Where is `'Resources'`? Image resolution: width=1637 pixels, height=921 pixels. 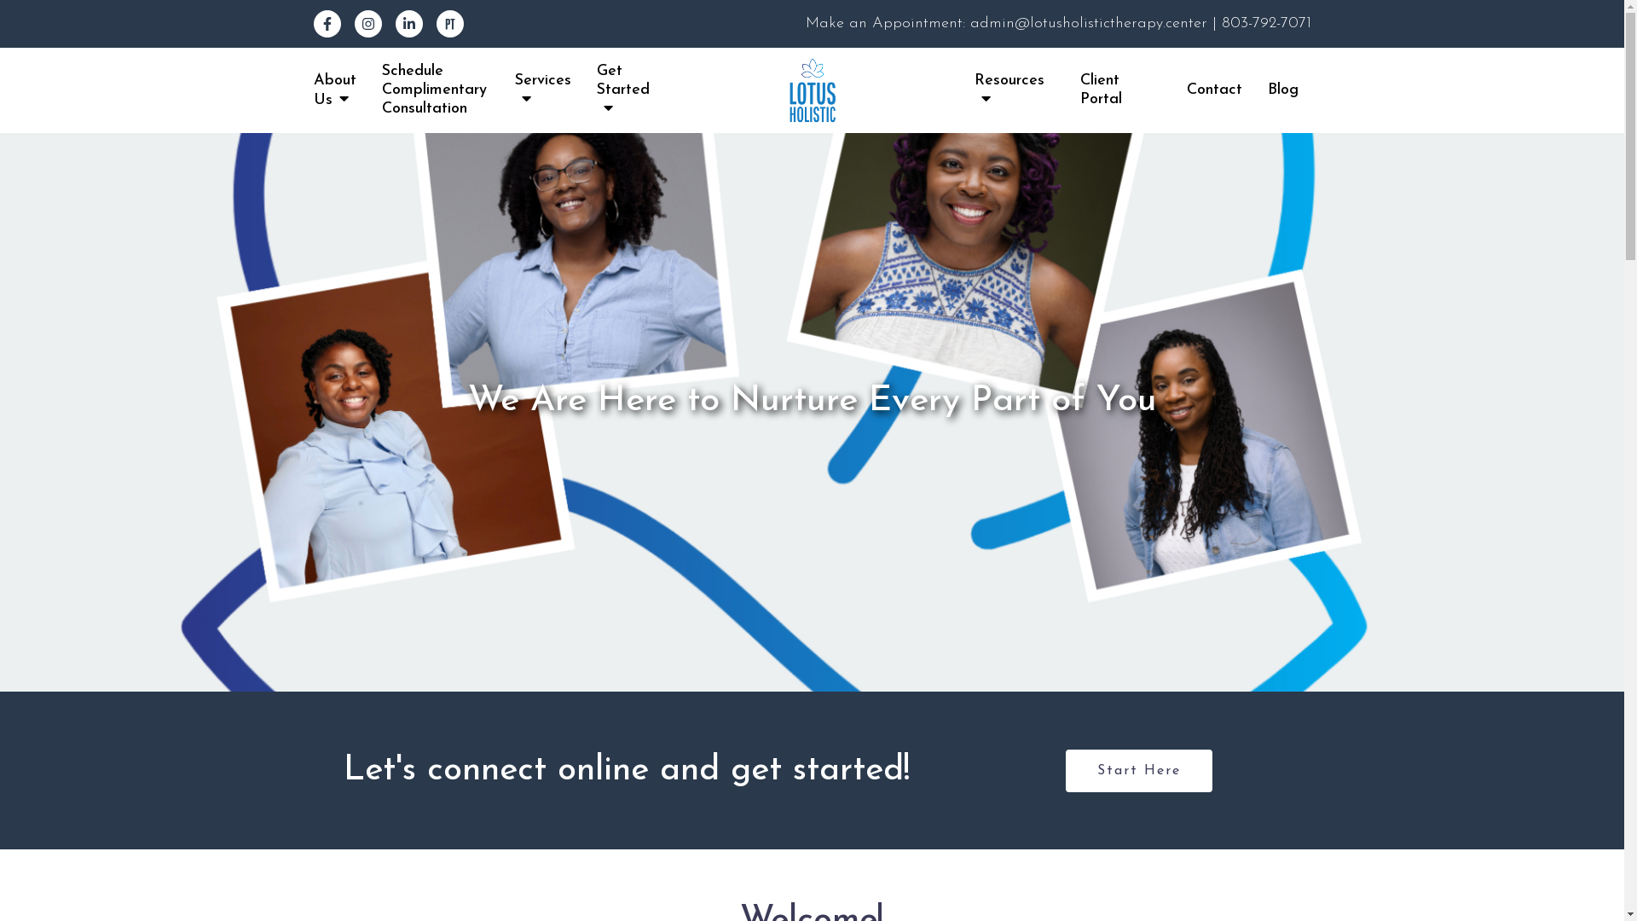 'Resources' is located at coordinates (1015, 90).